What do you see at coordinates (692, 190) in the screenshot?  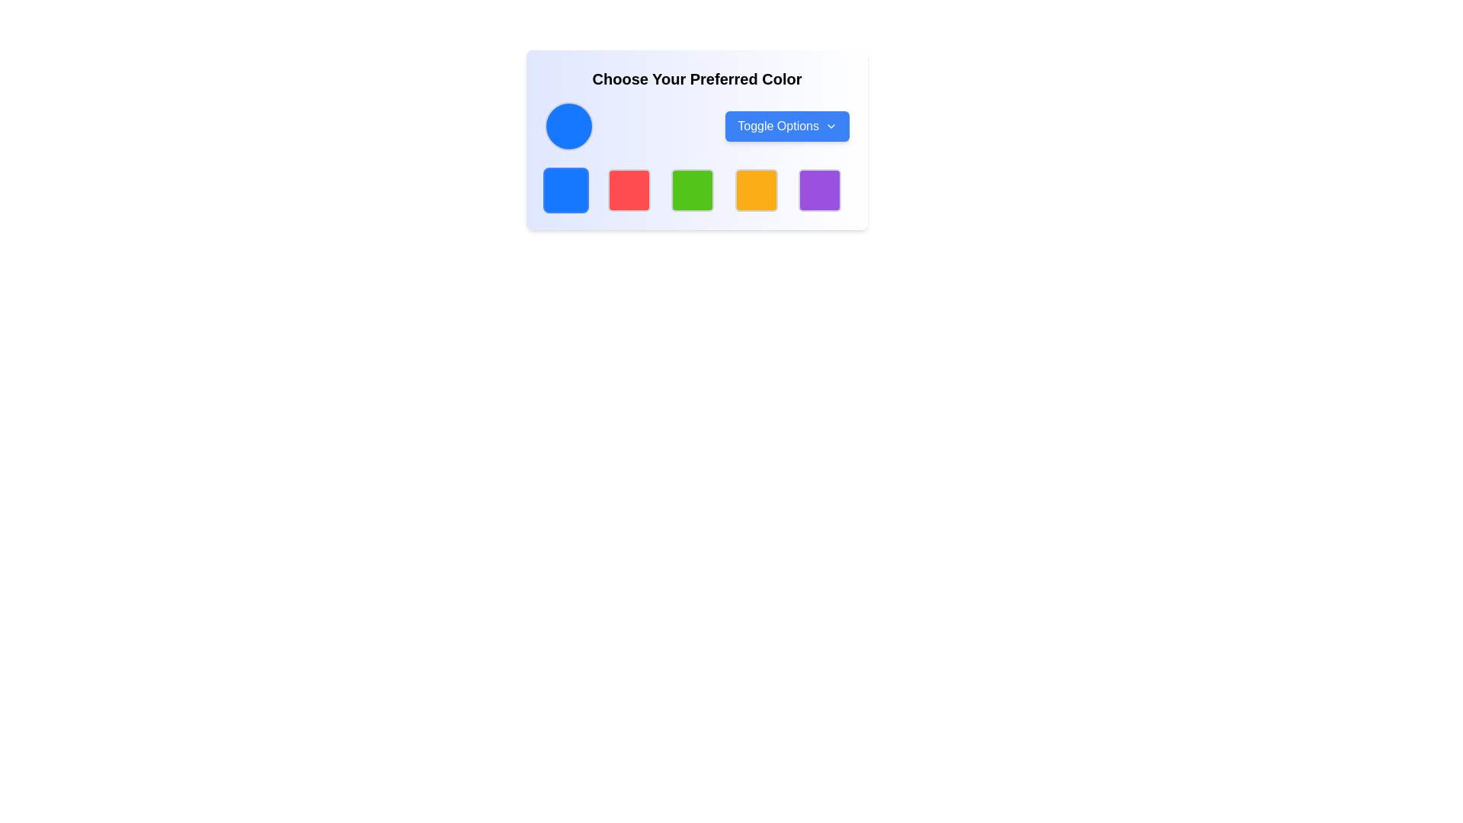 I see `the selectable color option with a green background color, which is the third square in a row of five under the title 'Choose Your Preferred Color'` at bounding box center [692, 190].